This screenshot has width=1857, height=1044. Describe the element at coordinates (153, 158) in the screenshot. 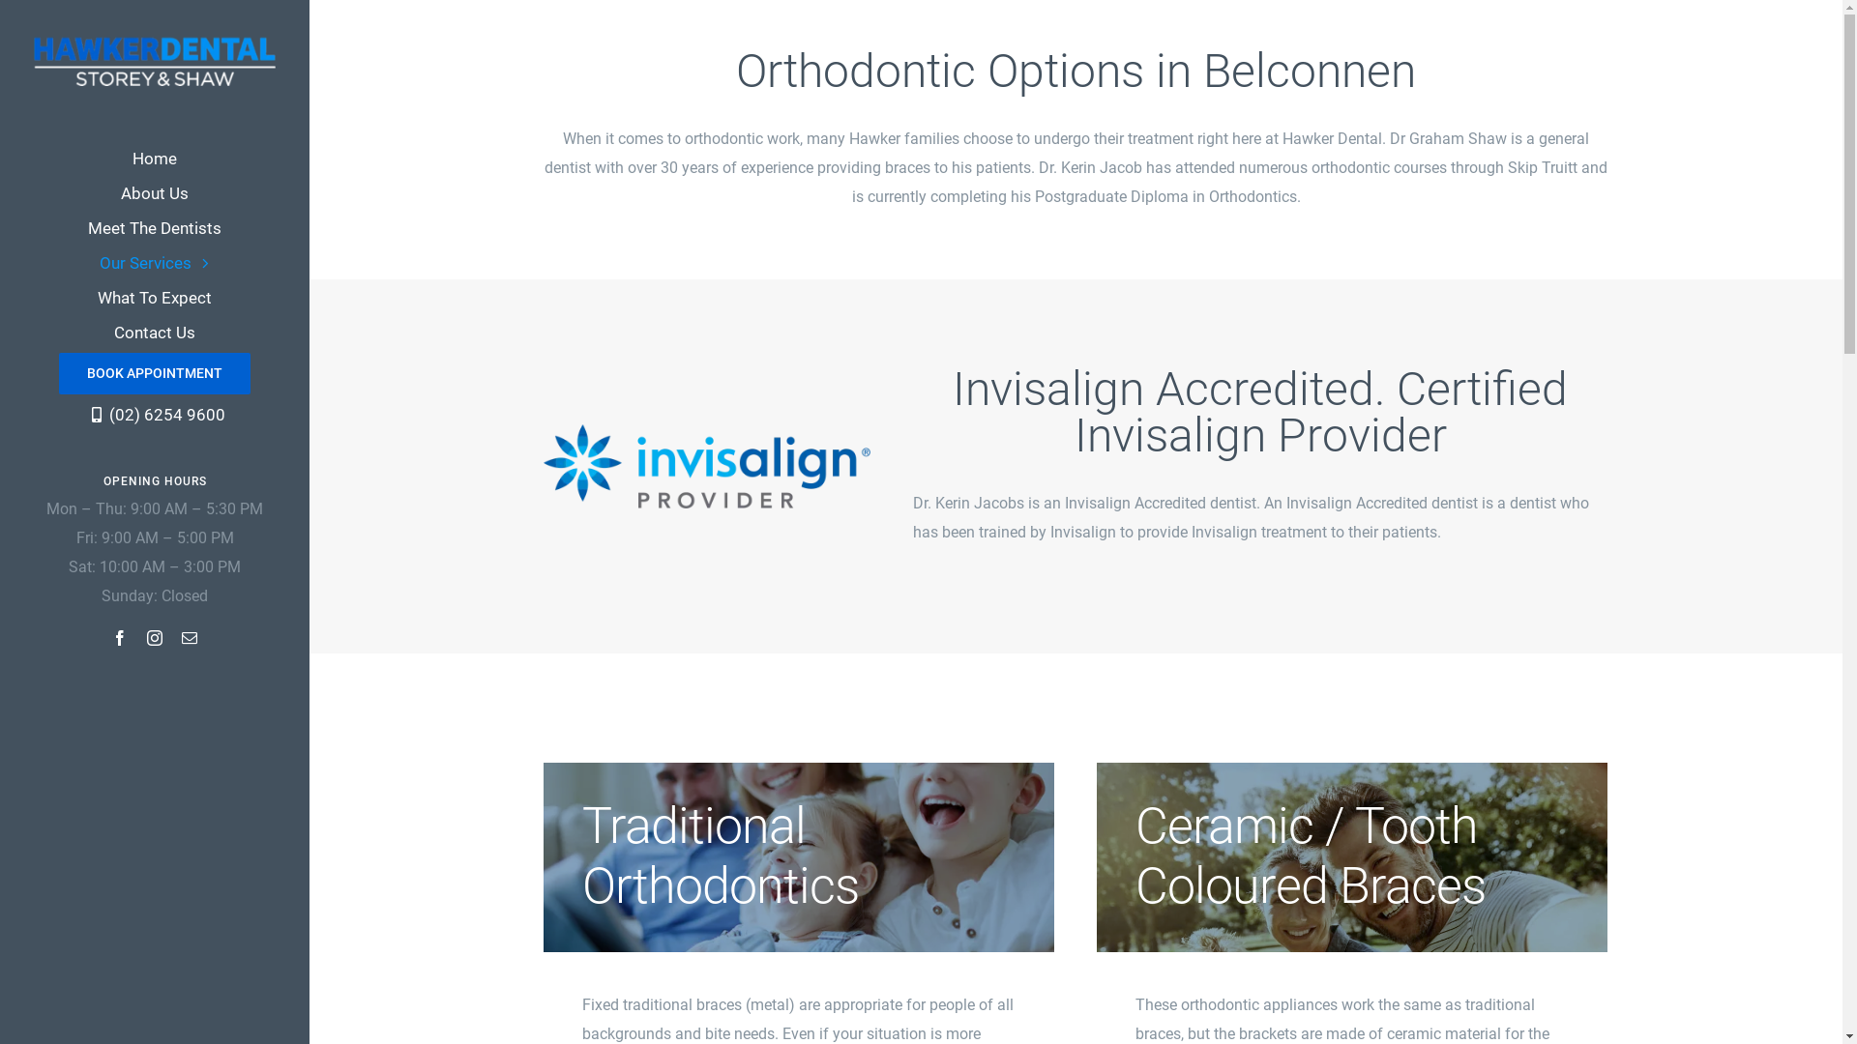

I see `'Home'` at that location.